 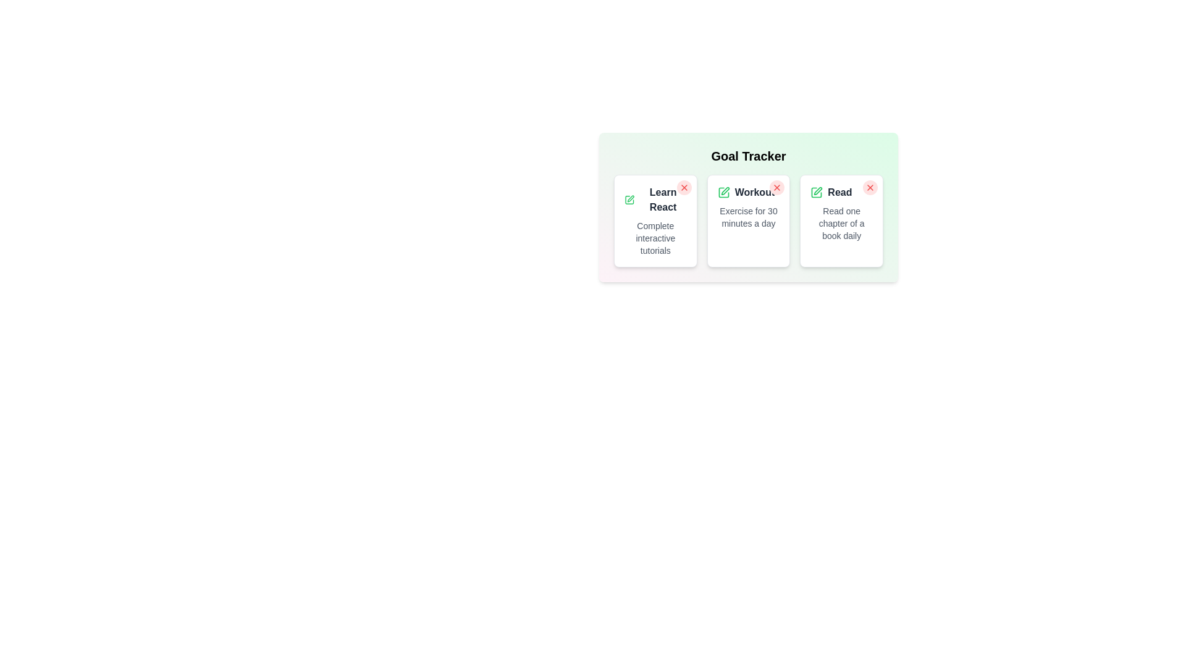 I want to click on the goal card titled 'Workout' to view its details, so click(x=747, y=220).